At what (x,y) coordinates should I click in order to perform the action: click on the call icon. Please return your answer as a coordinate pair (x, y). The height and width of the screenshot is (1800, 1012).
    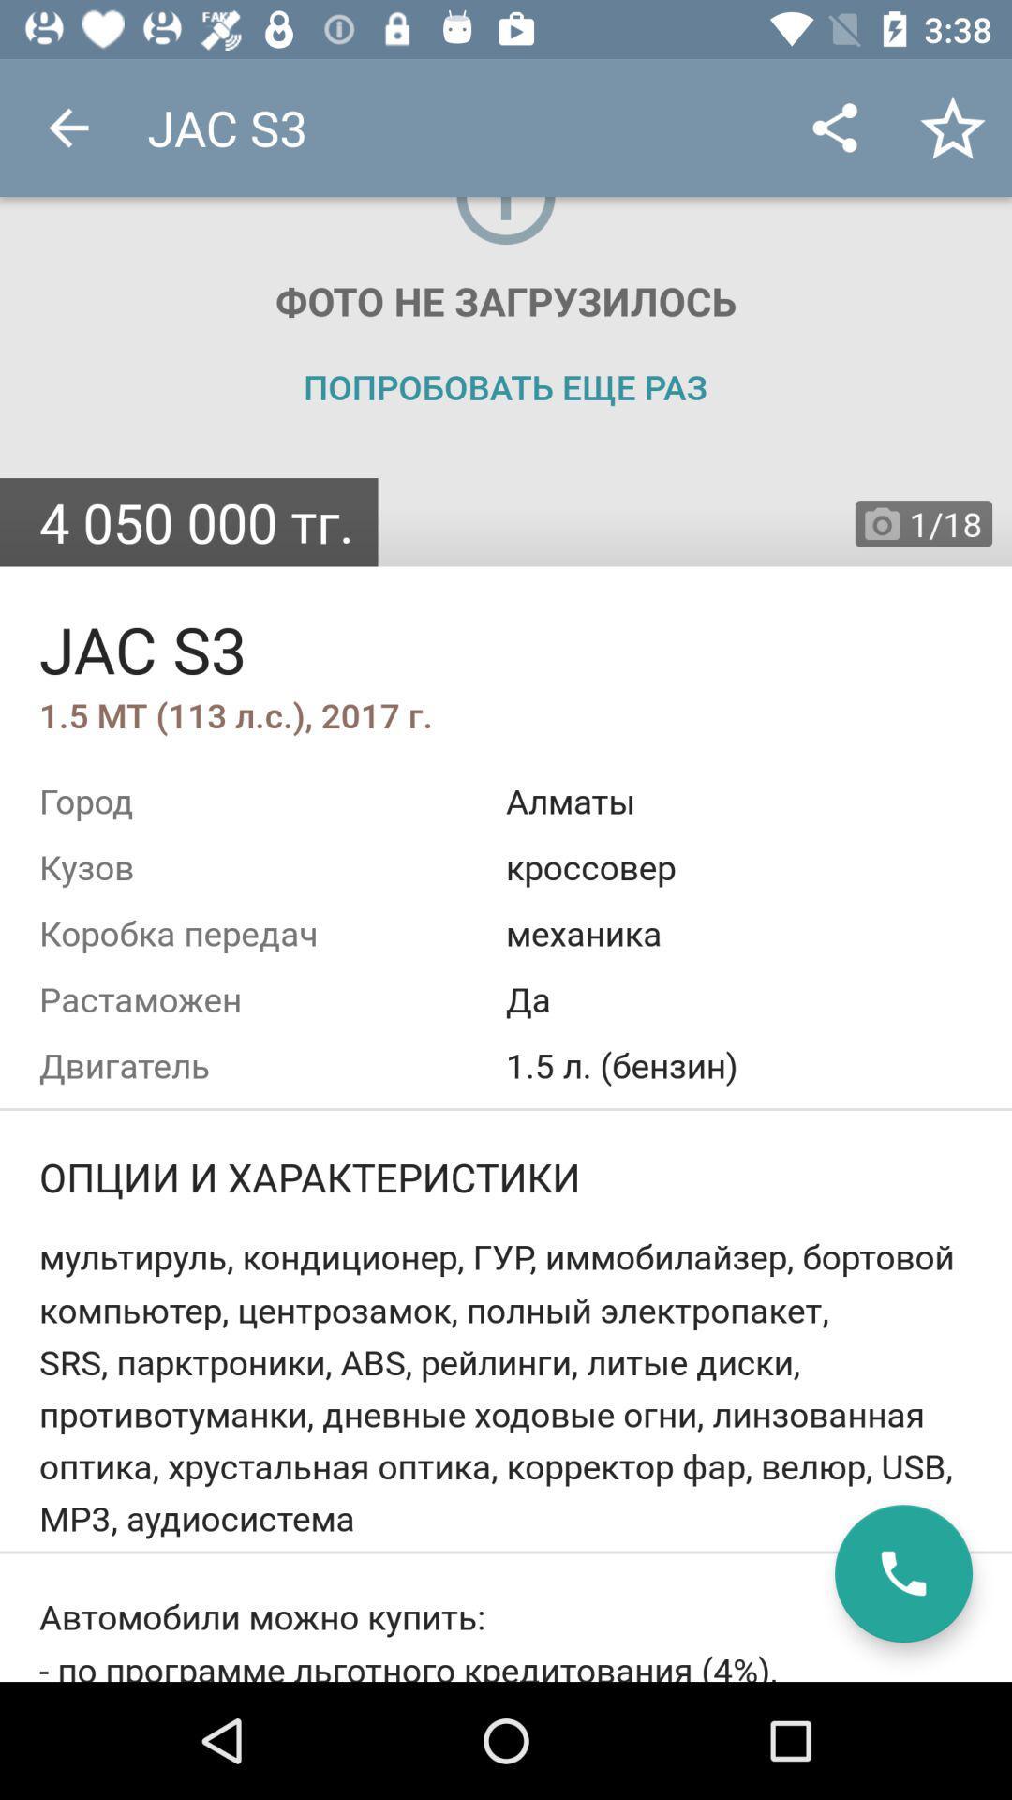
    Looking at the image, I should click on (902, 1573).